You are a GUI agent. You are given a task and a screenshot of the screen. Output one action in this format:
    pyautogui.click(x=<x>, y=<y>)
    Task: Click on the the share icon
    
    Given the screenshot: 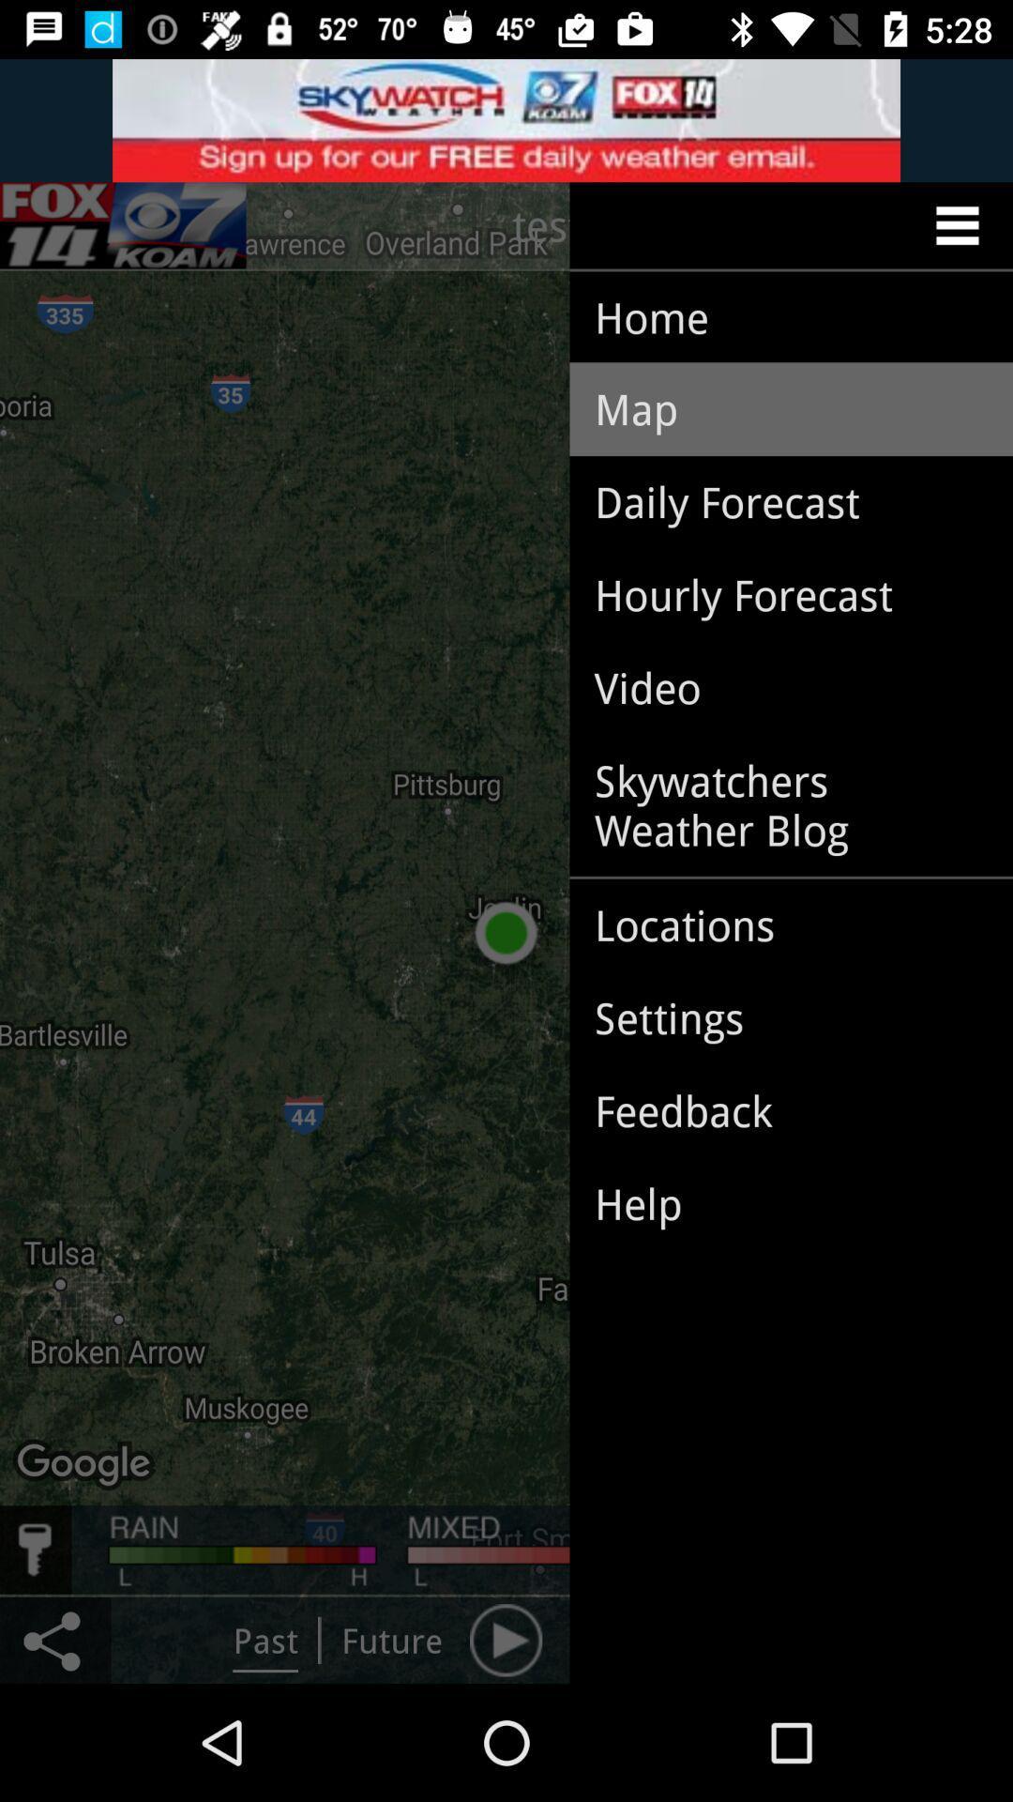 What is the action you would take?
    pyautogui.click(x=54, y=1639)
    